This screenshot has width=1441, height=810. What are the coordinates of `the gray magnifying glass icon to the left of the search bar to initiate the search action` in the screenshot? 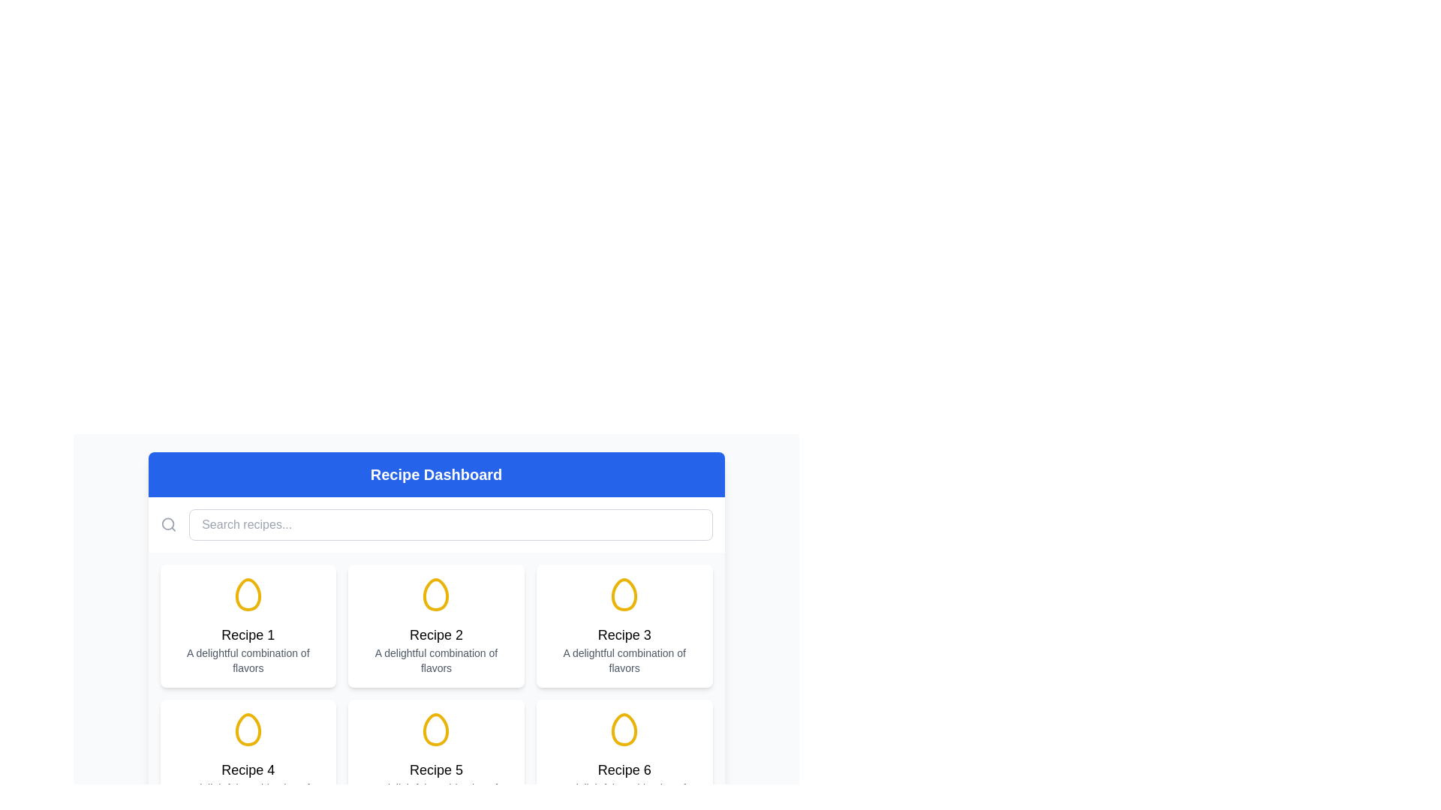 It's located at (168, 523).